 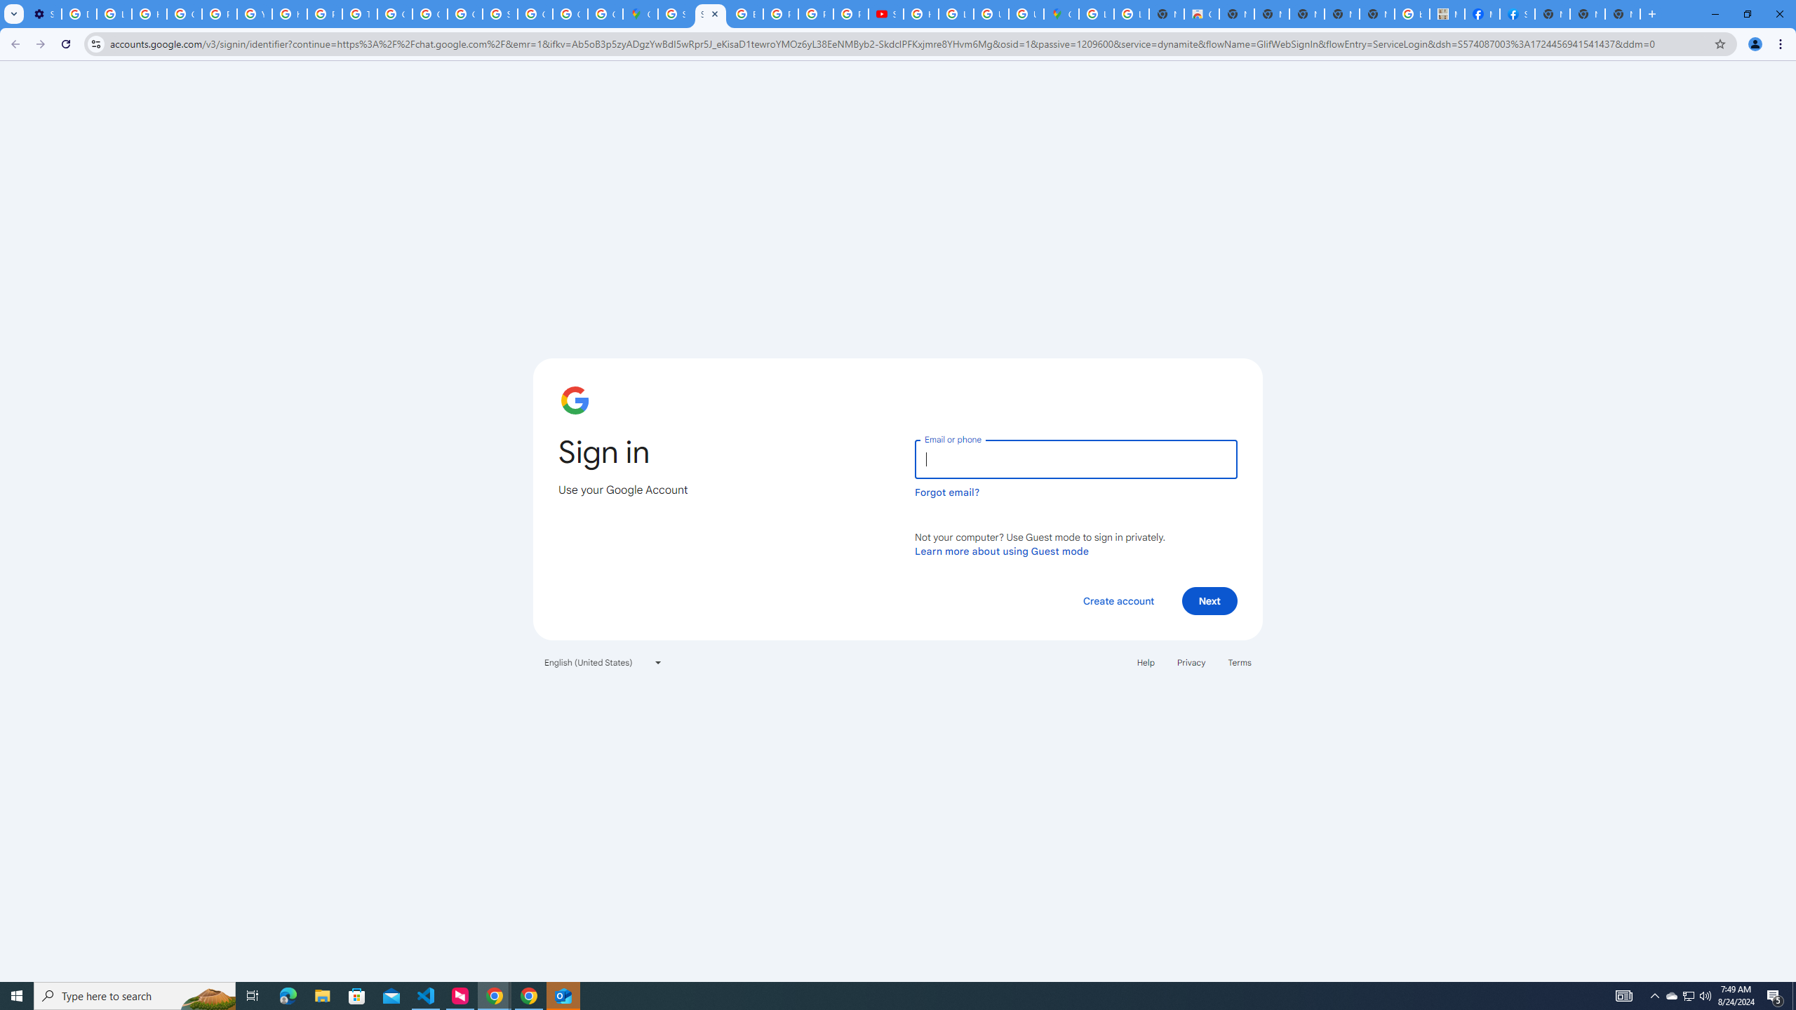 What do you see at coordinates (254, 13) in the screenshot?
I see `'YouTube'` at bounding box center [254, 13].